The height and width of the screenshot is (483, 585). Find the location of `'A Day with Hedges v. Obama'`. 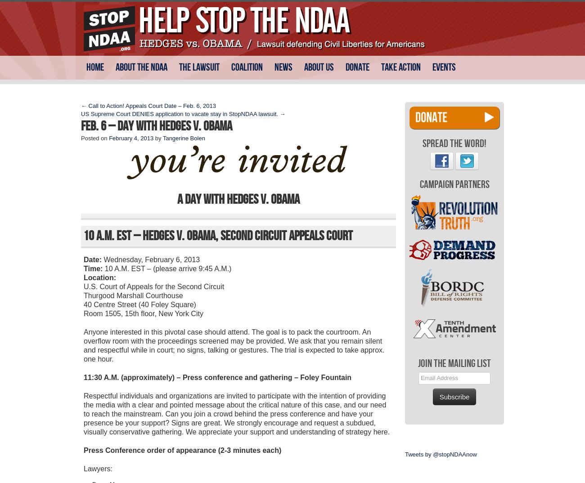

'A Day with Hedges v. Obama' is located at coordinates (238, 199).